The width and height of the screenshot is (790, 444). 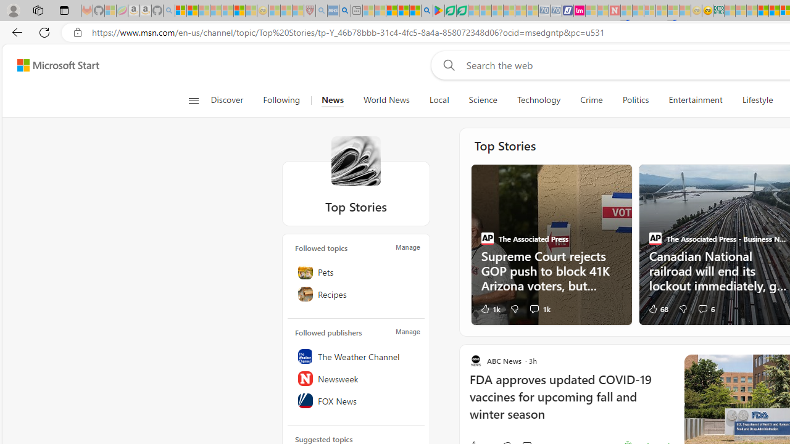 What do you see at coordinates (355, 356) in the screenshot?
I see `'The Weather Channel'` at bounding box center [355, 356].